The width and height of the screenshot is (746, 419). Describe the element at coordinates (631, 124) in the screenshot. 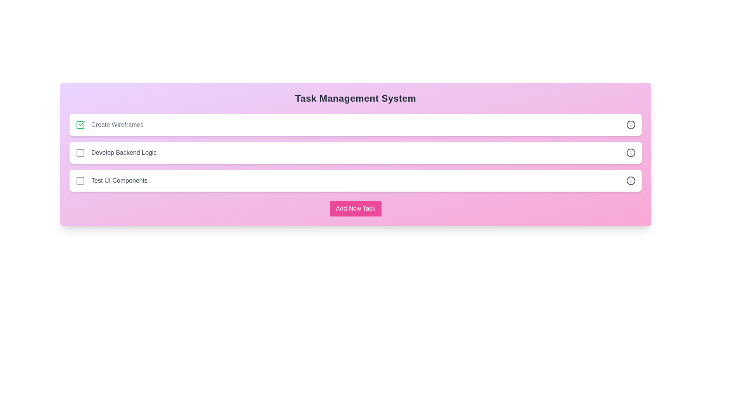

I see `the info icon next to the task 'Create Wireframes' to view its details` at that location.